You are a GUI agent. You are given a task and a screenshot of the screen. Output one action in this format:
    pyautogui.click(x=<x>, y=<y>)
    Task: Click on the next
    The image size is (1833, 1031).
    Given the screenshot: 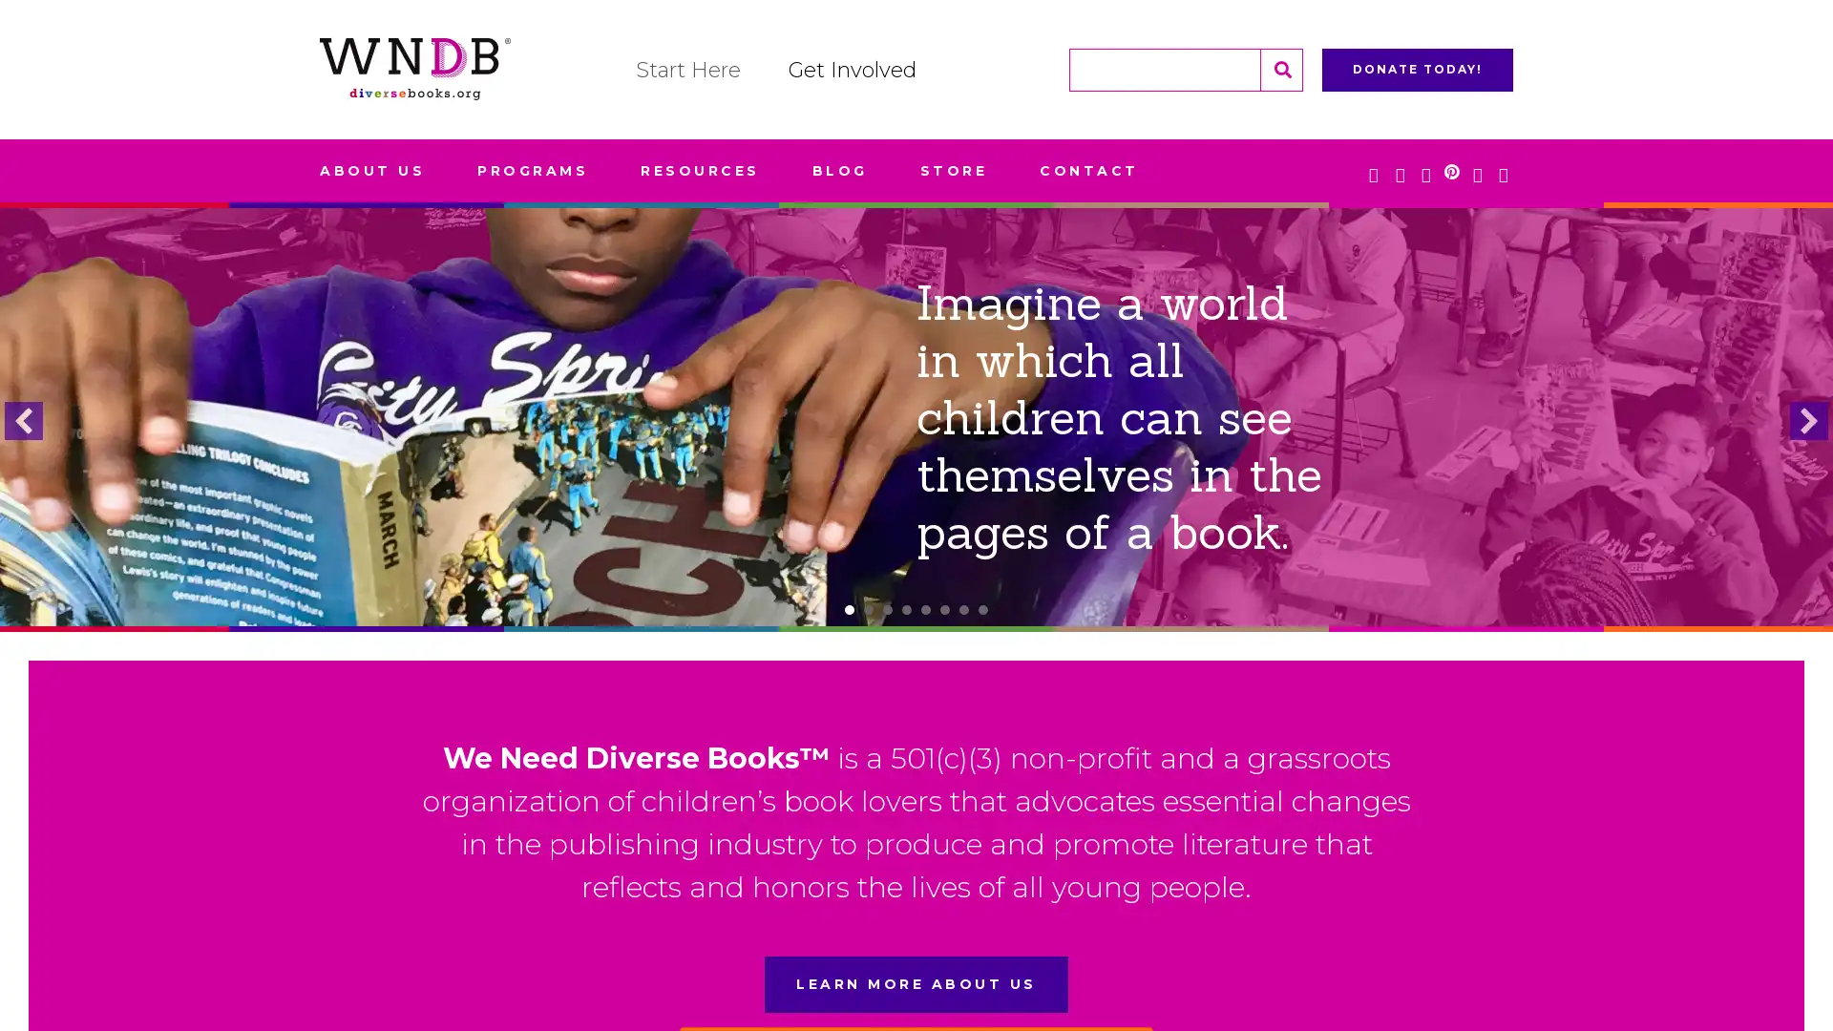 What is the action you would take?
    pyautogui.click(x=1808, y=419)
    